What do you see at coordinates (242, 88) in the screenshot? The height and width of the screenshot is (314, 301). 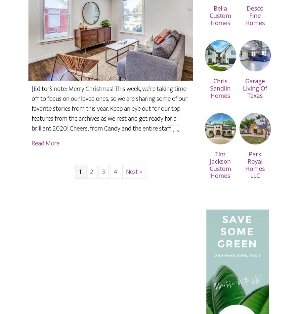 I see `'Garage Living Of Texas'` at bounding box center [242, 88].